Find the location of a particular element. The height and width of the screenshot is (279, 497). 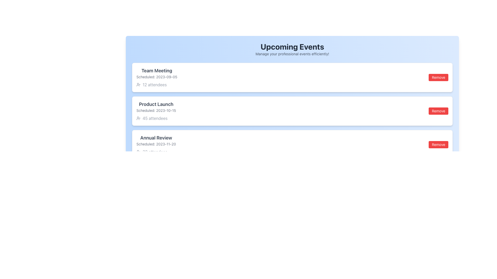

the Informational Text Block that displays 'Product Launch', scheduled for '2023-10-15', and shows '45 attendees', located in the second card of the events layout is located at coordinates (156, 111).